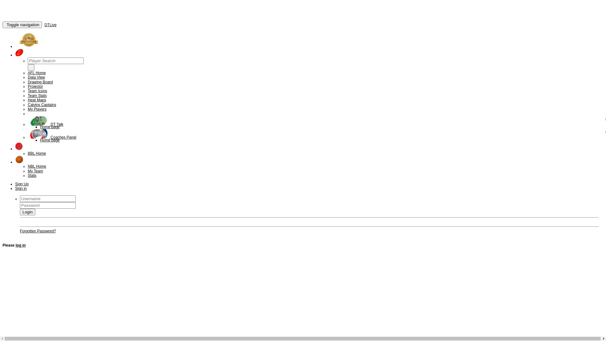 The height and width of the screenshot is (341, 606). What do you see at coordinates (45, 124) in the screenshot?
I see `'DT Talk'` at bounding box center [45, 124].